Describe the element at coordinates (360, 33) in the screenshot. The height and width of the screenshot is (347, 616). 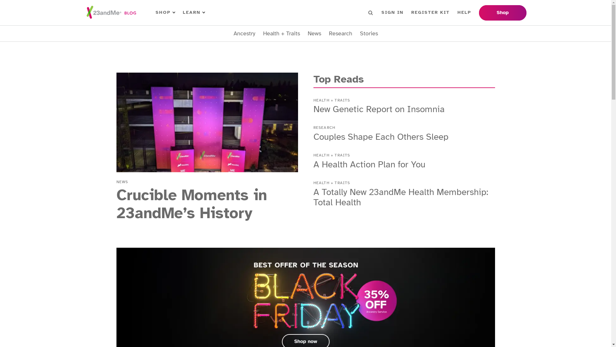
I see `'Stories'` at that location.